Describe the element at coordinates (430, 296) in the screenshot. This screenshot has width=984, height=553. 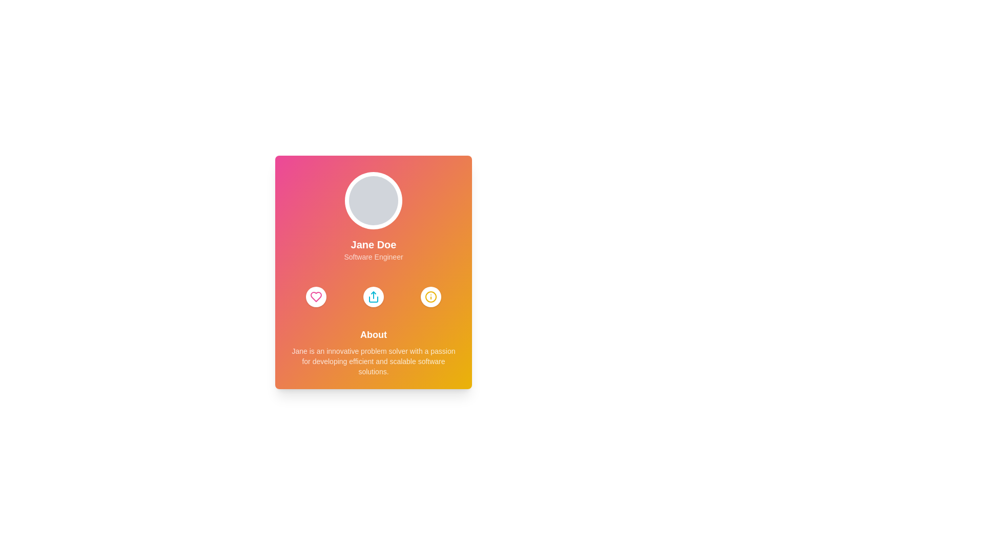
I see `the circular information icon with a yellow outline located in the bottom row of three icons under the profile information` at that location.